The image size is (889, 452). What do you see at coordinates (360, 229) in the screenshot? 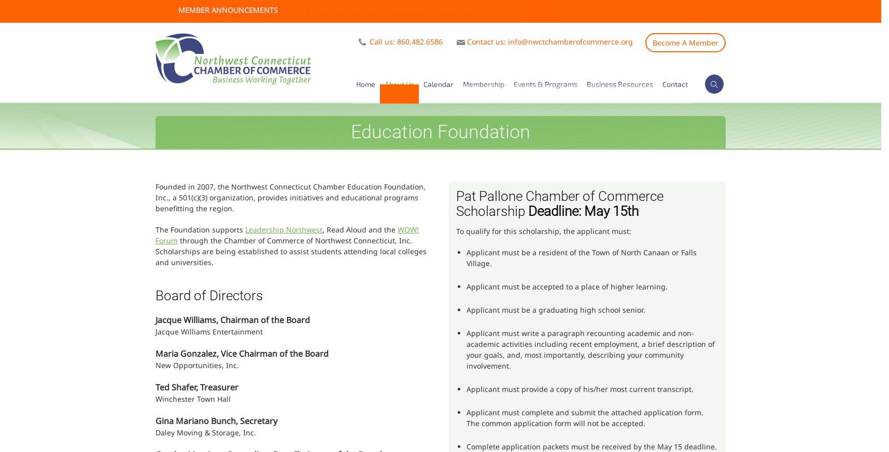
I see `', Read Aloud and the'` at bounding box center [360, 229].